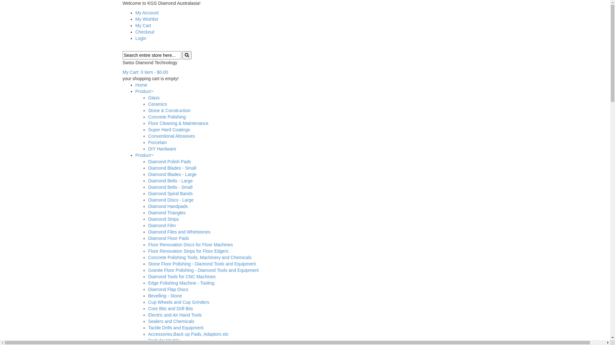 The height and width of the screenshot is (345, 615). Describe the element at coordinates (168, 238) in the screenshot. I see `'Diamond Floor Pads'` at that location.